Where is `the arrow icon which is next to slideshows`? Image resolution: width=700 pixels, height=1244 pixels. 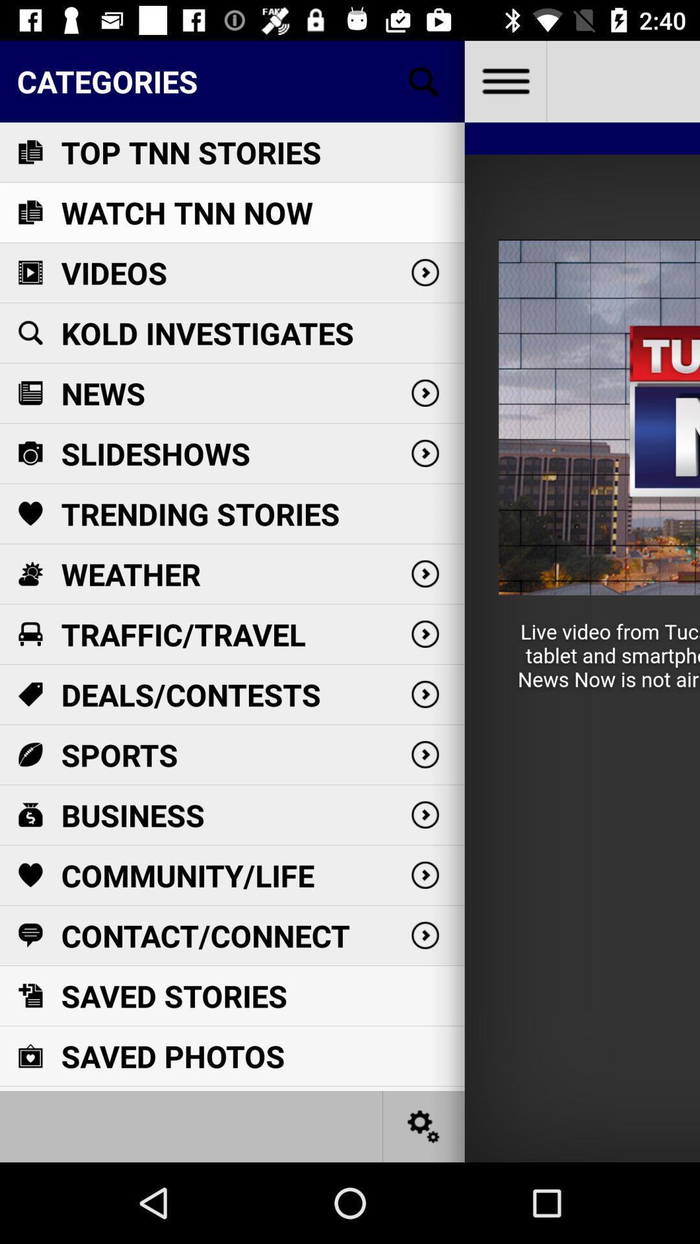
the arrow icon which is next to slideshows is located at coordinates (425, 454).